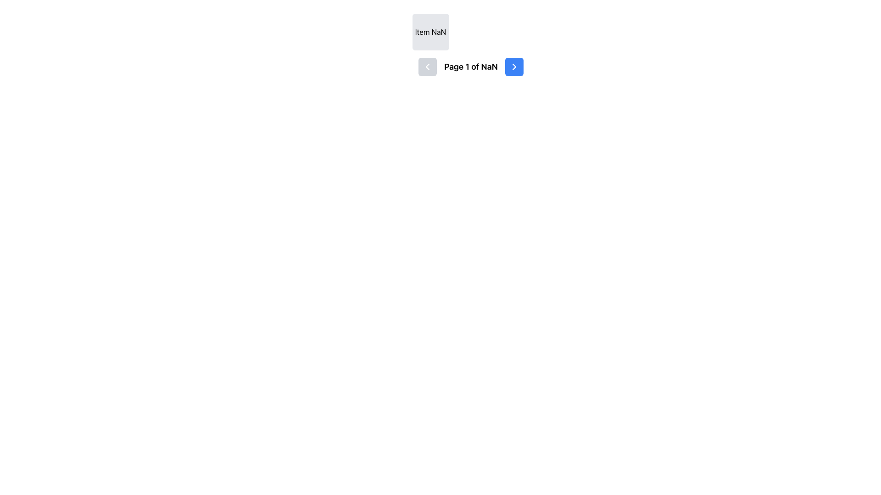 The height and width of the screenshot is (495, 881). Describe the element at coordinates (514, 66) in the screenshot. I see `the forward navigation button, which is represented by a right-pointing chevron icon on a blue circular background, to observe any interaction feedback` at that location.